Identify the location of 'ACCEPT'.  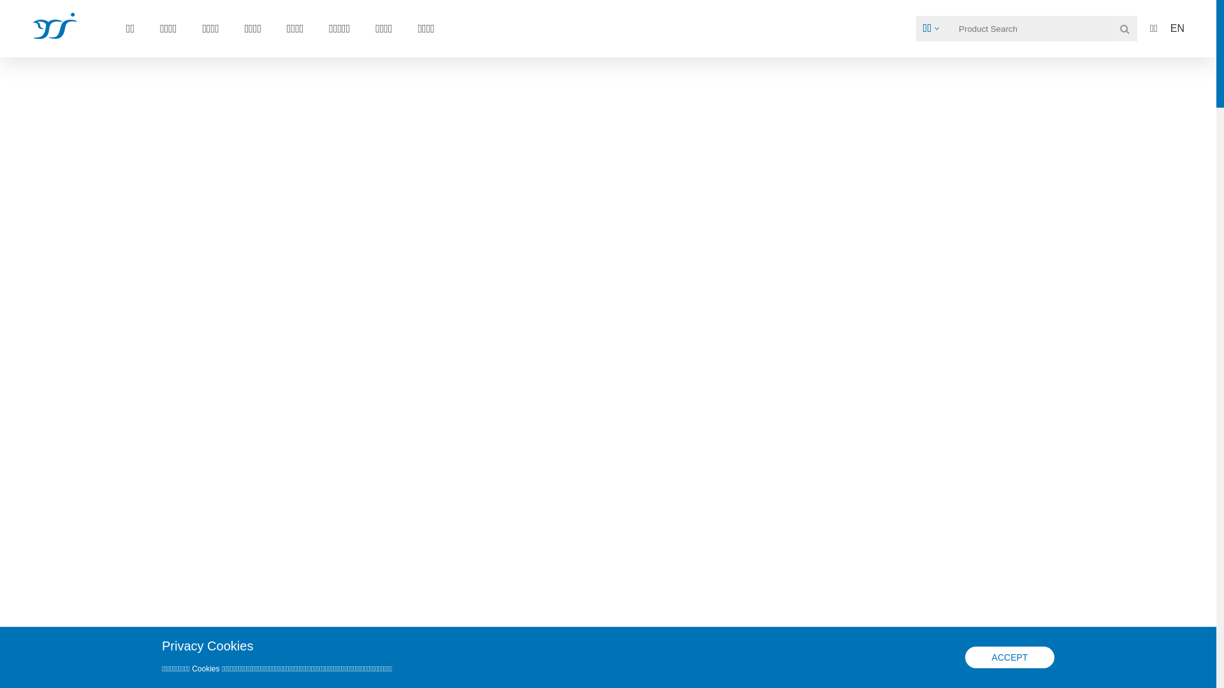
(1009, 657).